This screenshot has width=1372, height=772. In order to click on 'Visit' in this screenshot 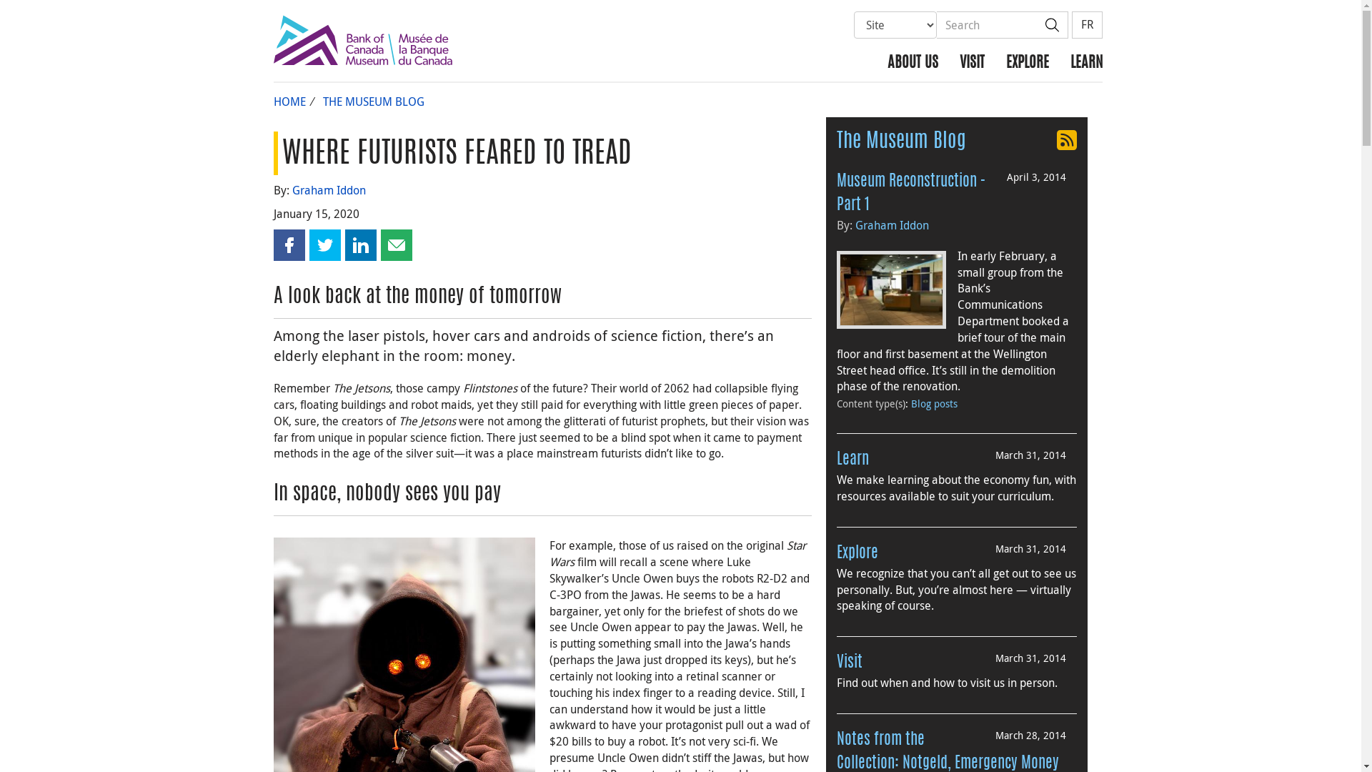, I will do `click(850, 662)`.